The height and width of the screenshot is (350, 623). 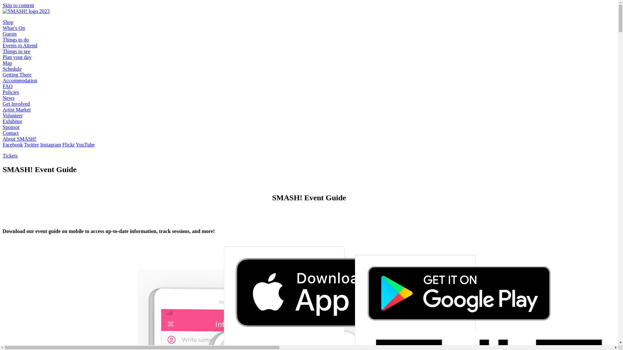 I want to click on 'Schedule', so click(x=12, y=69).